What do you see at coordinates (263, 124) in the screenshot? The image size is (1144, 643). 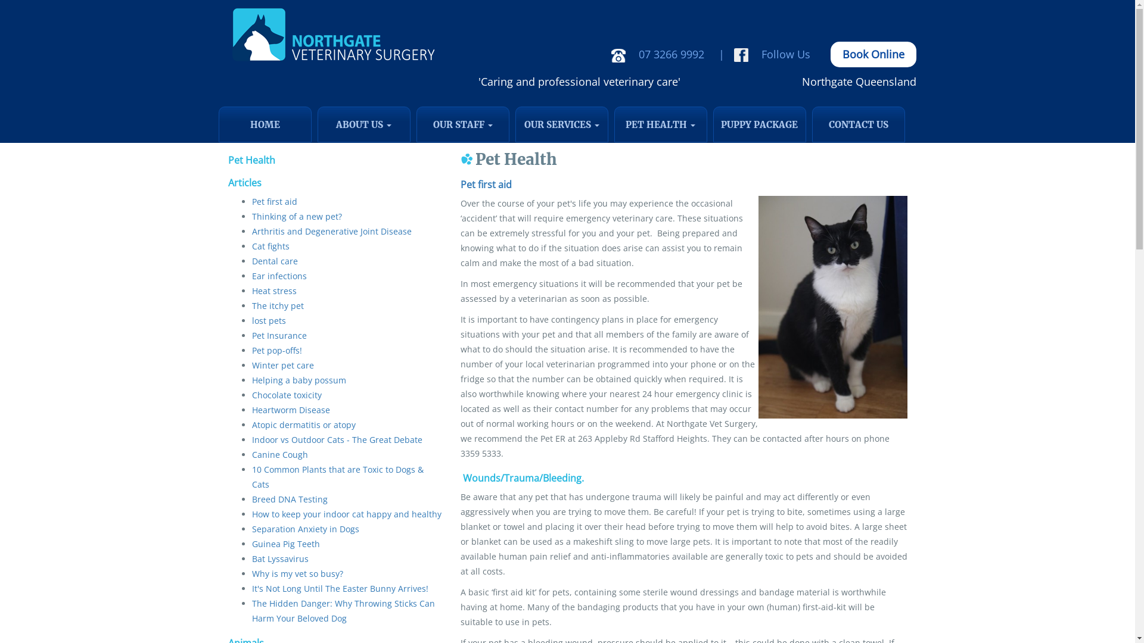 I see `'HOME'` at bounding box center [263, 124].